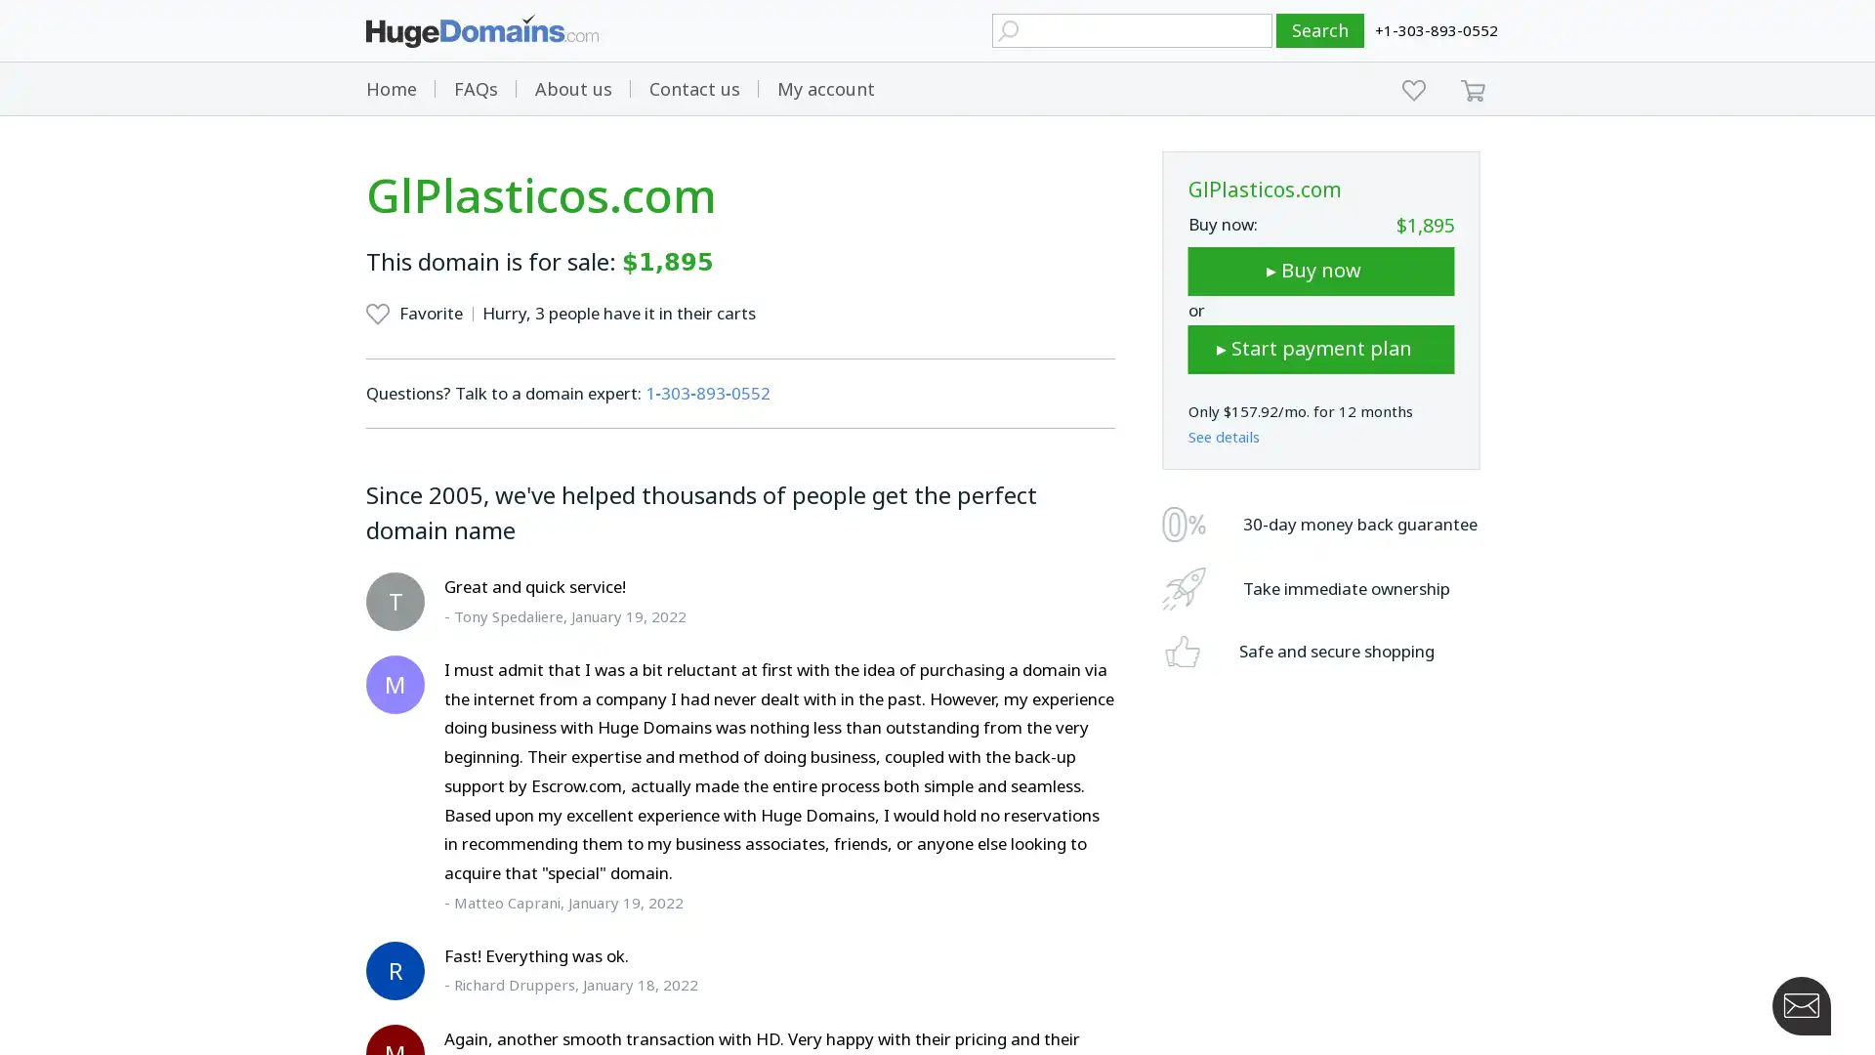 Image resolution: width=1875 pixels, height=1055 pixels. What do you see at coordinates (1320, 30) in the screenshot?
I see `Search` at bounding box center [1320, 30].